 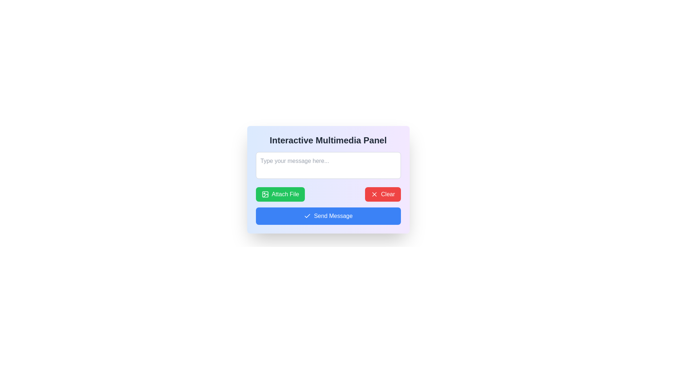 What do you see at coordinates (307, 215) in the screenshot?
I see `the visual change of the checkmark graphic icon indicating approval, which is centrally aligned within the 'Send Message' button` at bounding box center [307, 215].